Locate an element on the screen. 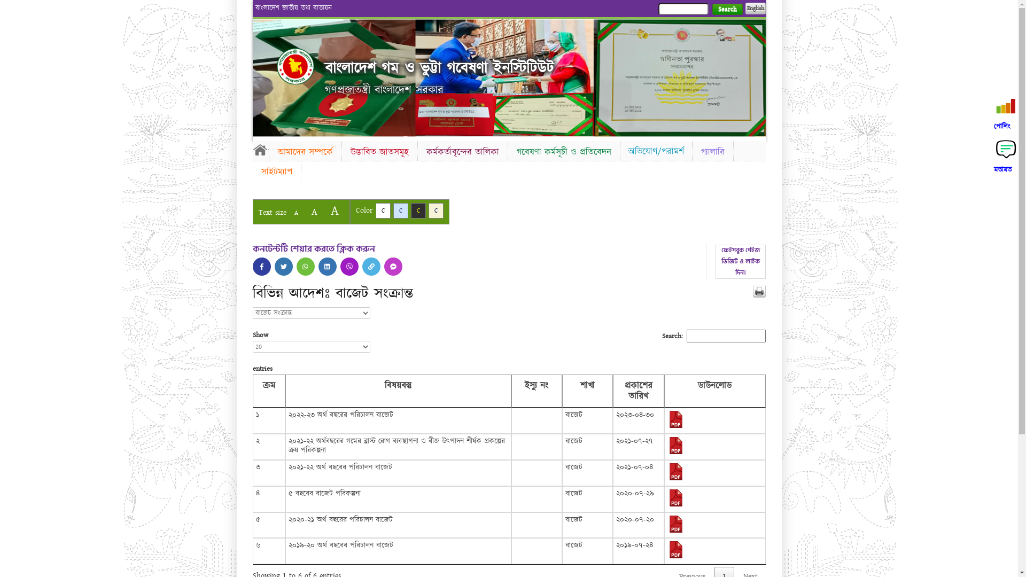  'C' is located at coordinates (436, 210).